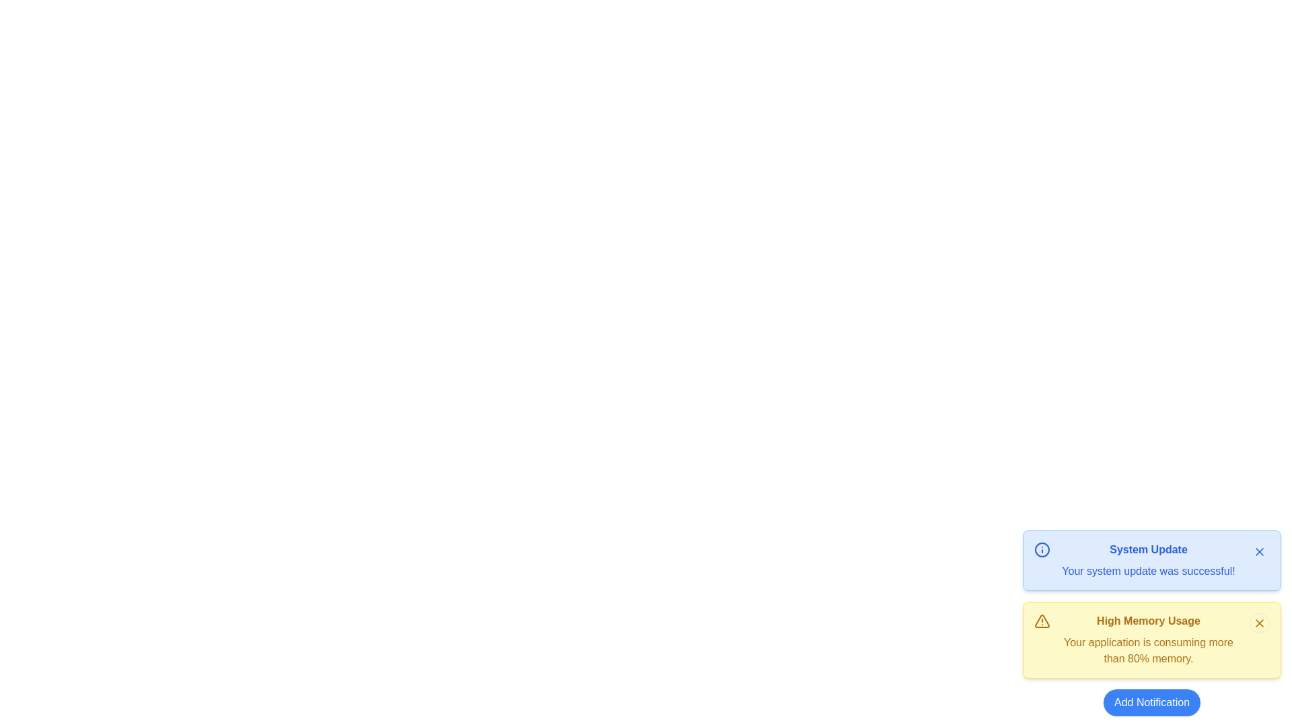 This screenshot has height=727, width=1292. Describe the element at coordinates (1259, 623) in the screenshot. I see `the Close Button located in the top-right corner of the yellow notification card labeled 'High Memory Usage'` at that location.